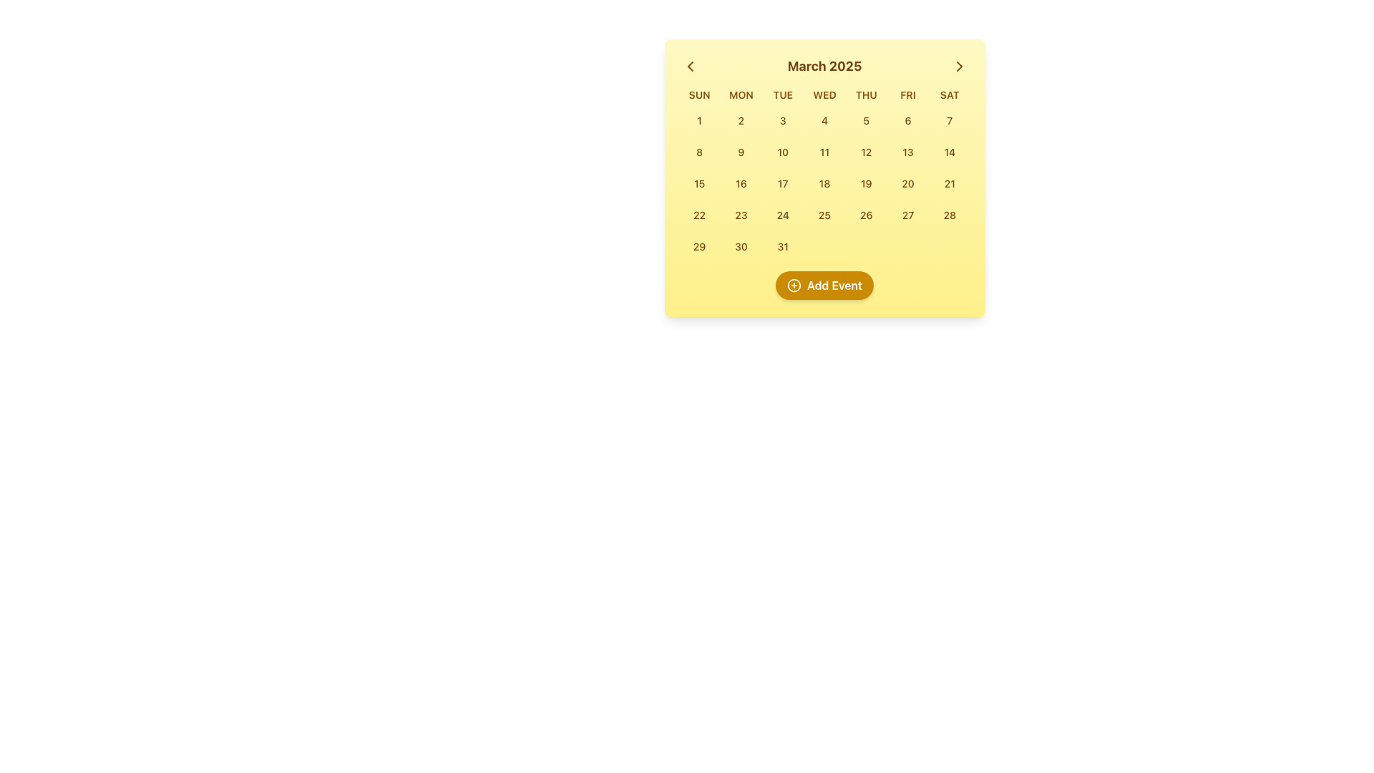 The width and height of the screenshot is (1374, 773). What do you see at coordinates (865, 215) in the screenshot?
I see `the button styled as the day cell for the date '26' in the calendar view` at bounding box center [865, 215].